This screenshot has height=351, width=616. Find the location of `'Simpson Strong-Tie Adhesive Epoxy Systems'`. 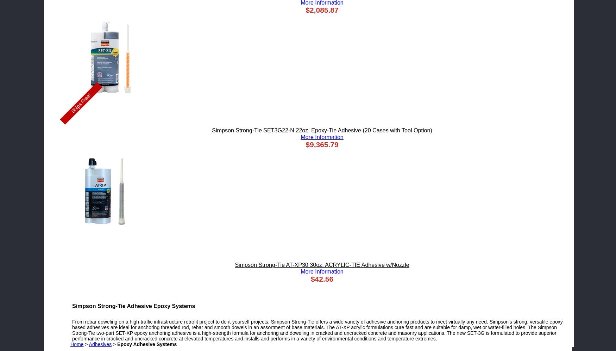

'Simpson Strong-Tie Adhesive Epoxy Systems' is located at coordinates (133, 306).